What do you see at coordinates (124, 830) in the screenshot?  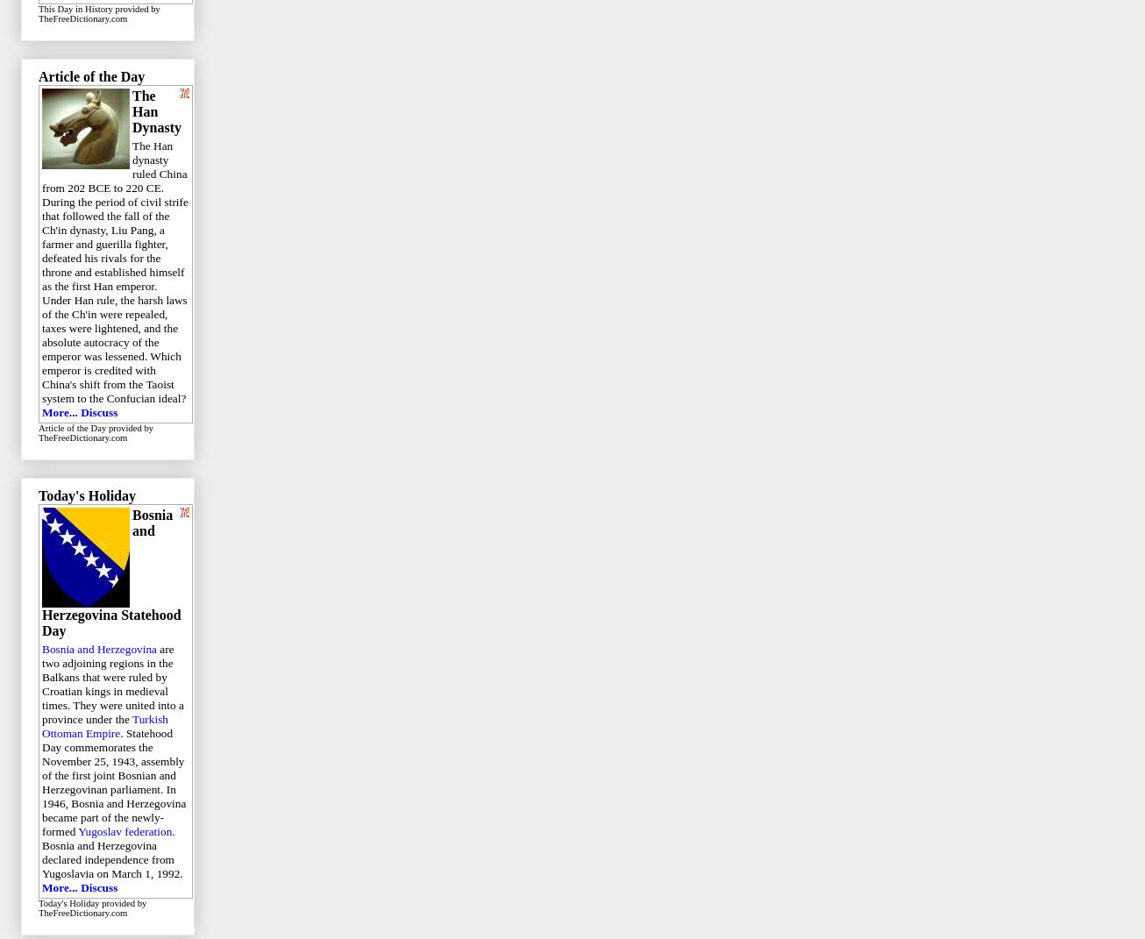 I see `'Yugoslav federation'` at bounding box center [124, 830].